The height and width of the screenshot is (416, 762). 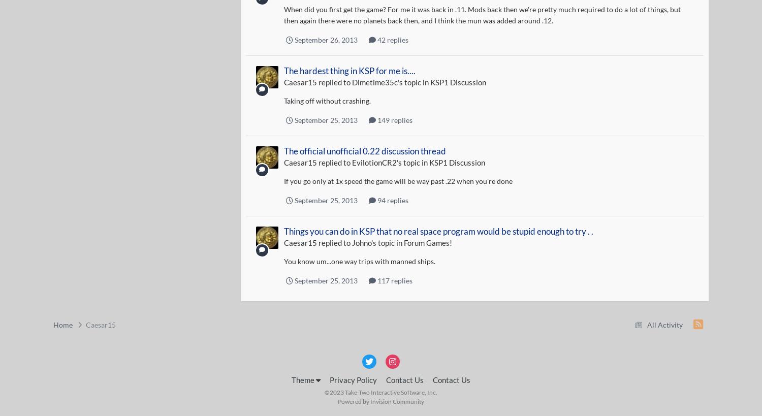 I want to click on 'EvilotionCR2', so click(x=373, y=162).